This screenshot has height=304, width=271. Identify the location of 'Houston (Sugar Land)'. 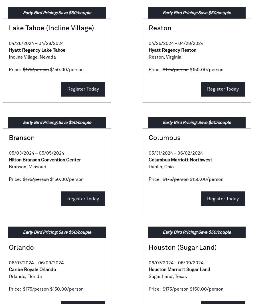
(183, 247).